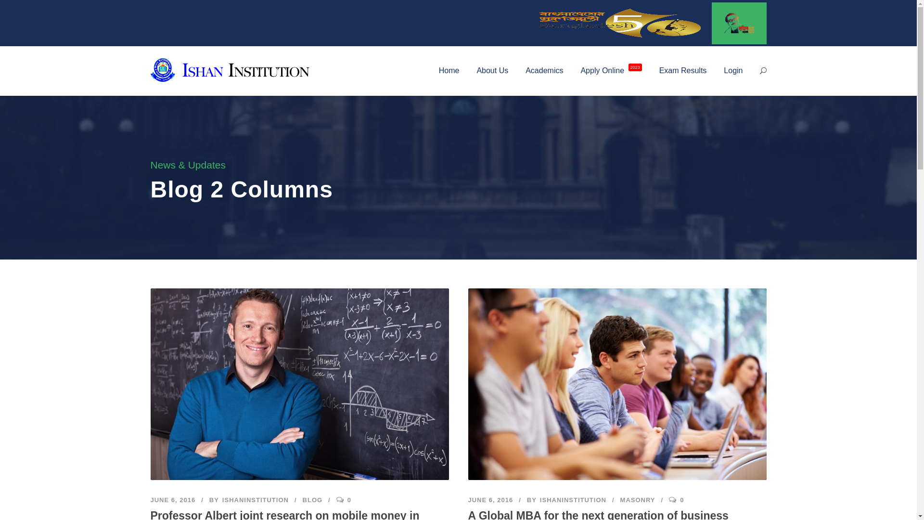  What do you see at coordinates (256, 499) in the screenshot?
I see `'ISHANINSTITUTION'` at bounding box center [256, 499].